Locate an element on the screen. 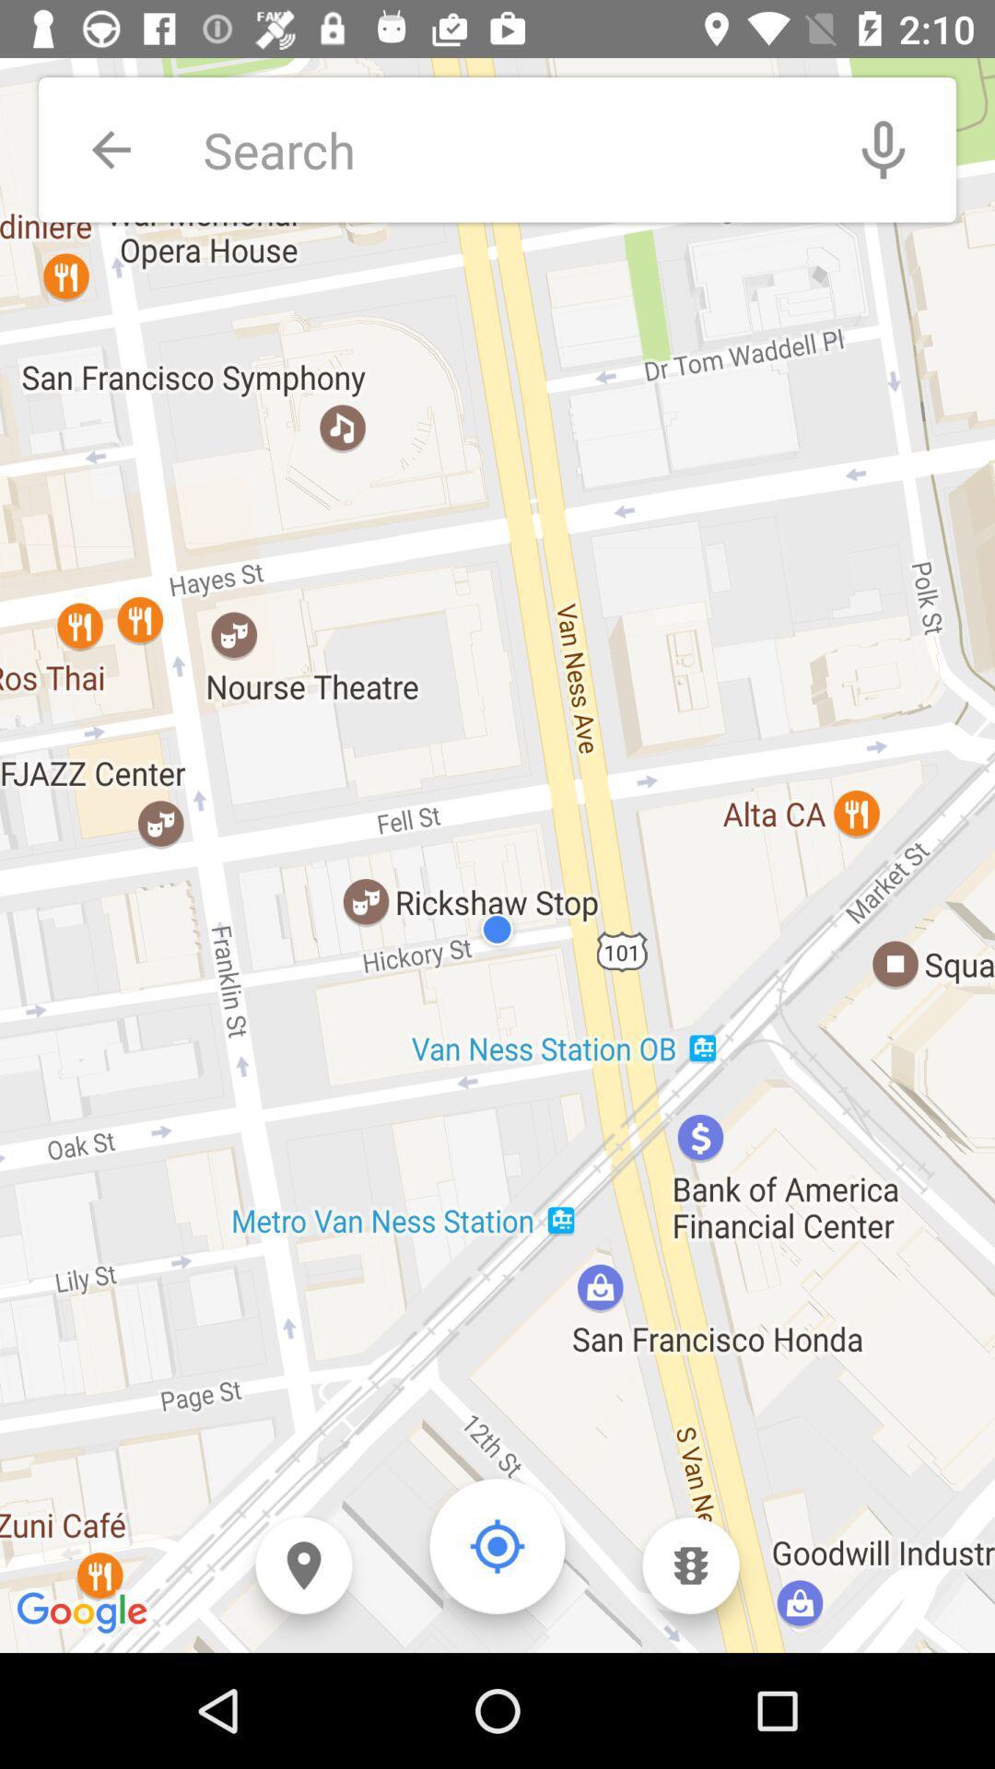  pin a point on map is located at coordinates (303, 1564).